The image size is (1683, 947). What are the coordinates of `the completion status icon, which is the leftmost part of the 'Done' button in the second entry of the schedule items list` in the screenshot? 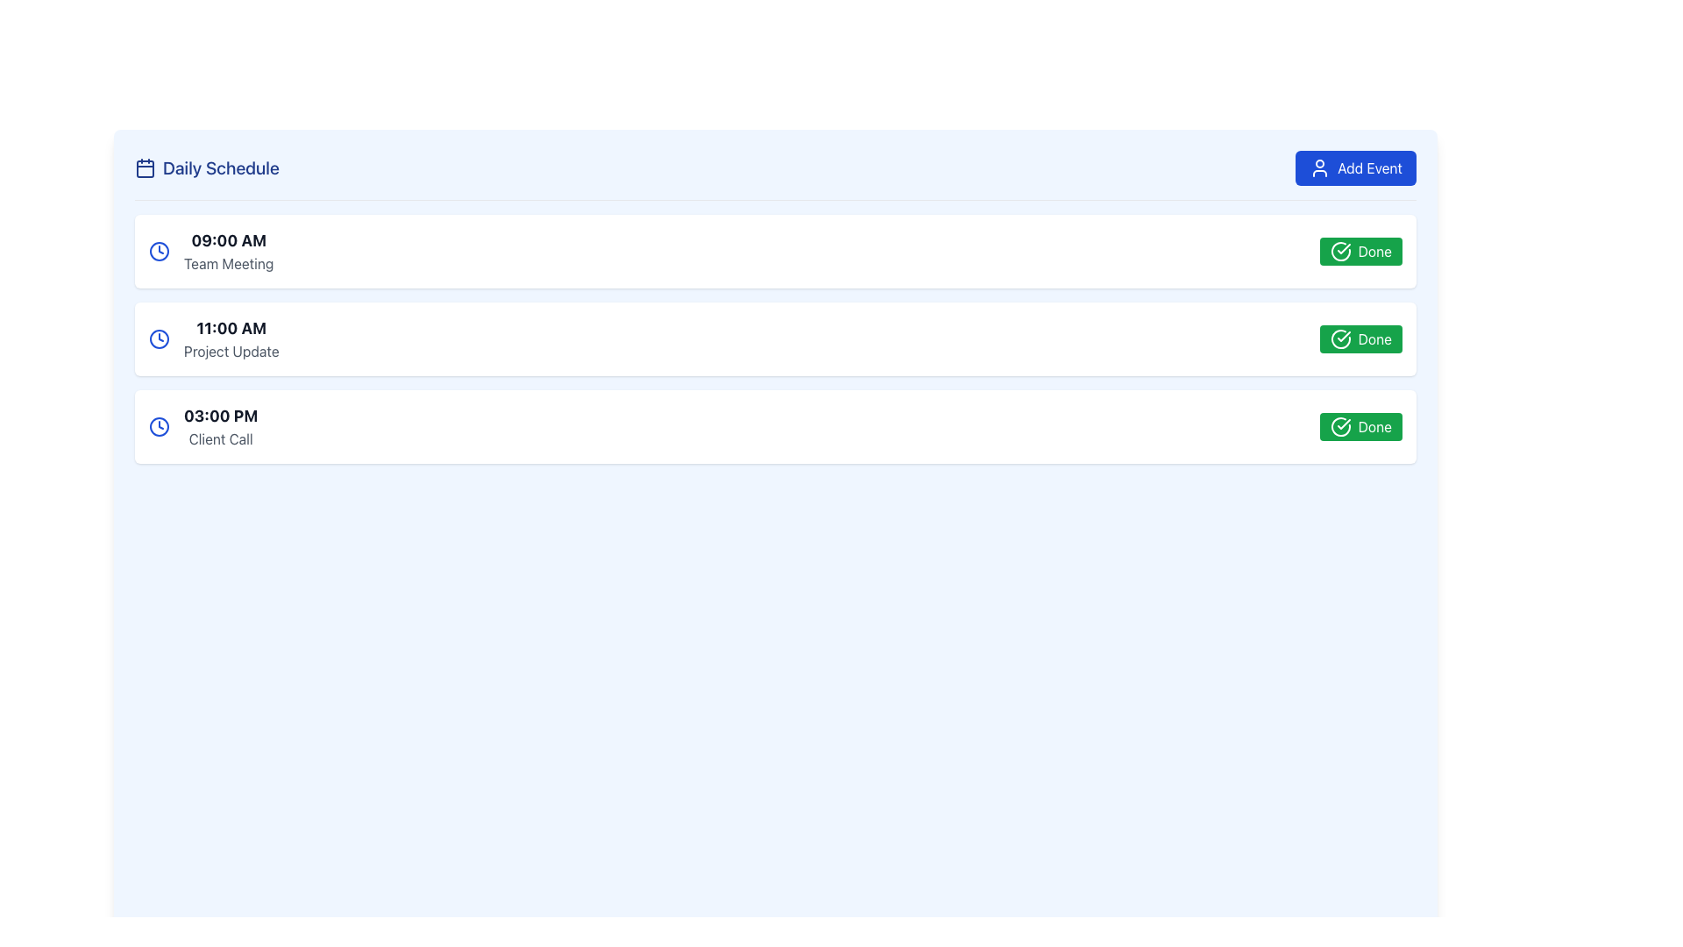 It's located at (1339, 251).